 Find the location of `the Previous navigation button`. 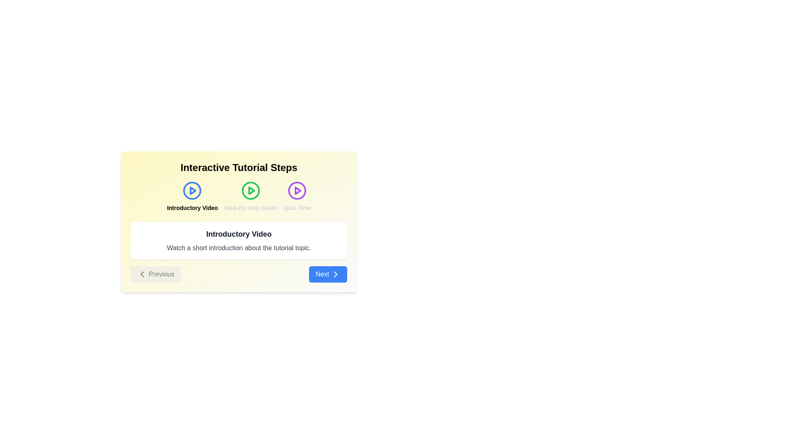

the Previous navigation button is located at coordinates (156, 274).